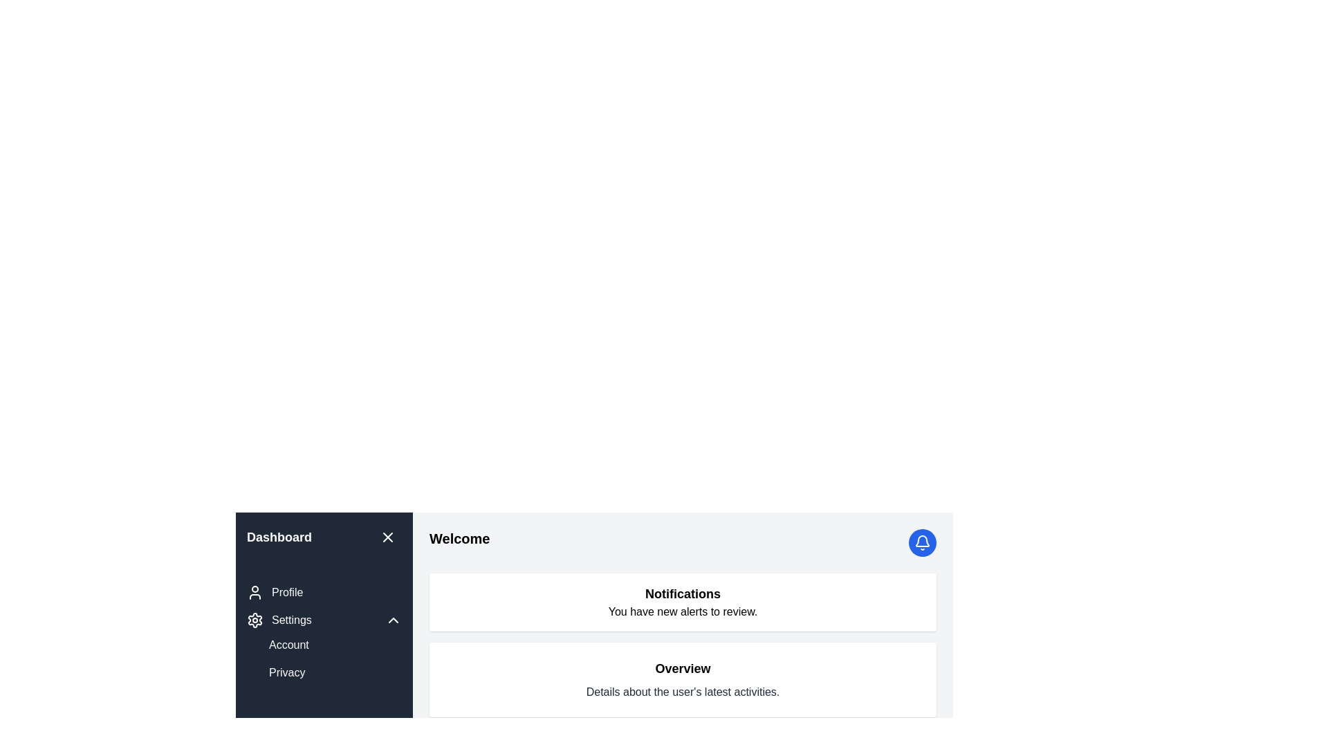 This screenshot has width=1328, height=747. I want to click on the cogwheel-shaped Decorative Icon located next to the 'Settings' label in the left navigation sidebar, so click(255, 620).